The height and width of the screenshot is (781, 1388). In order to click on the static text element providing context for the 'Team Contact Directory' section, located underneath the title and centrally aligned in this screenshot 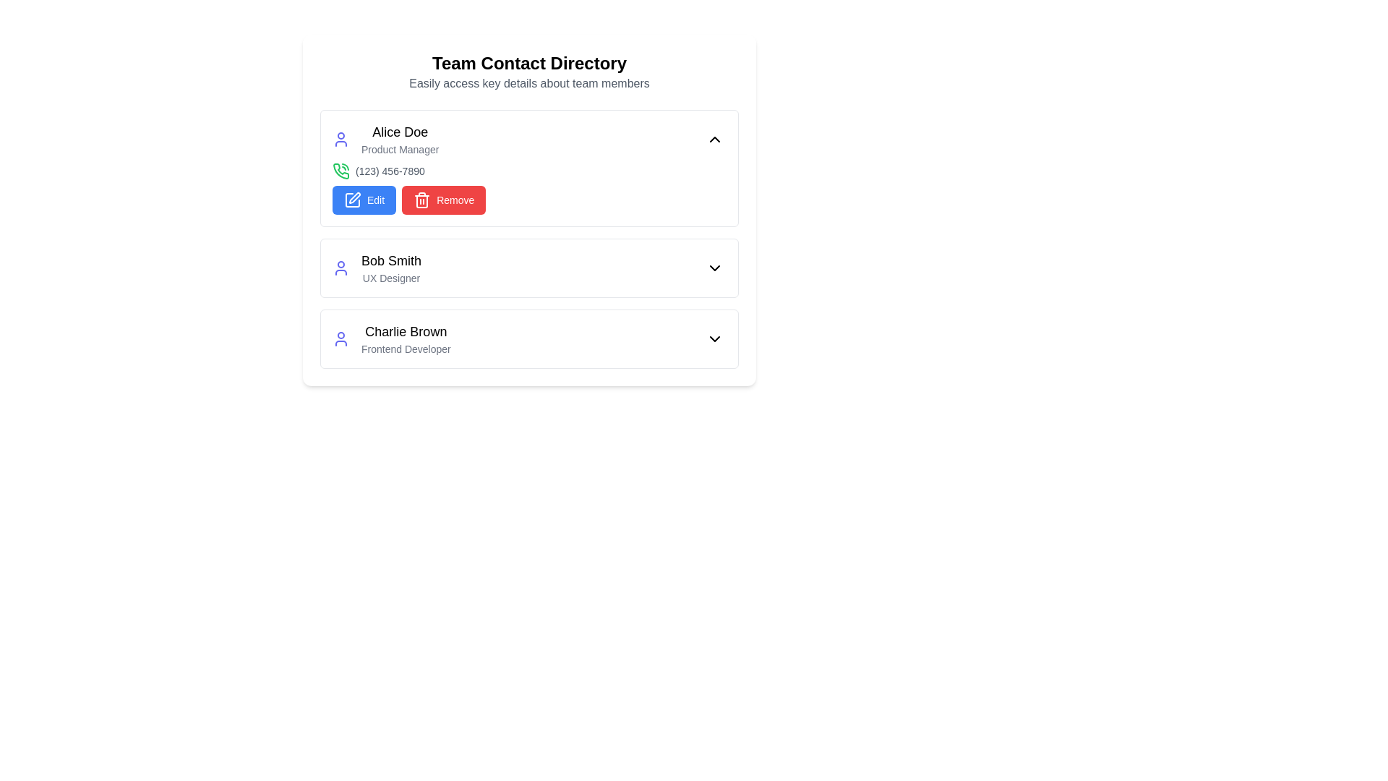, I will do `click(528, 83)`.